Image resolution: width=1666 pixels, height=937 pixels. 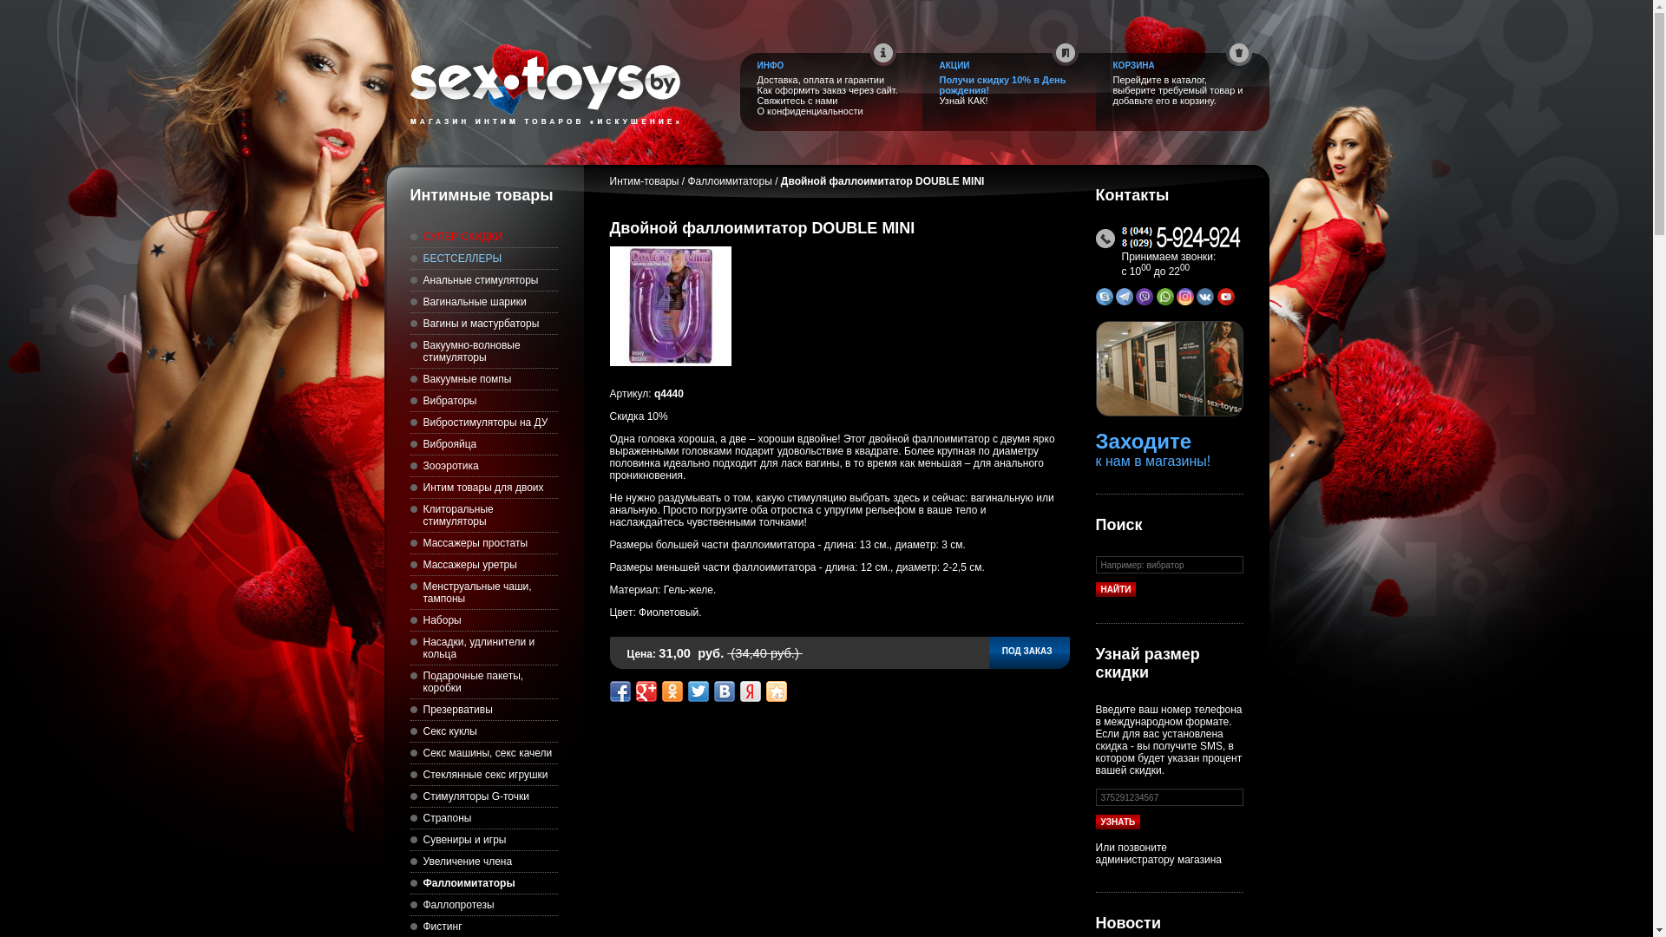 What do you see at coordinates (686, 691) in the screenshot?
I see `'Share on Twitter'` at bounding box center [686, 691].